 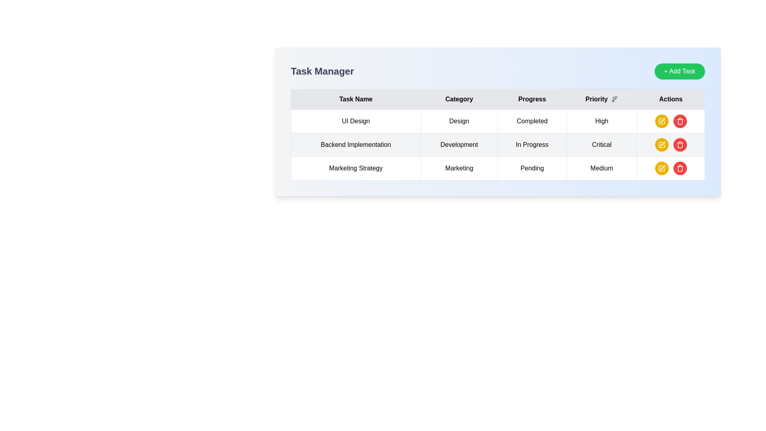 I want to click on the Static Text Label positioned in the second column of the second row within the table, indicating the type or classification of a task, so click(x=459, y=144).